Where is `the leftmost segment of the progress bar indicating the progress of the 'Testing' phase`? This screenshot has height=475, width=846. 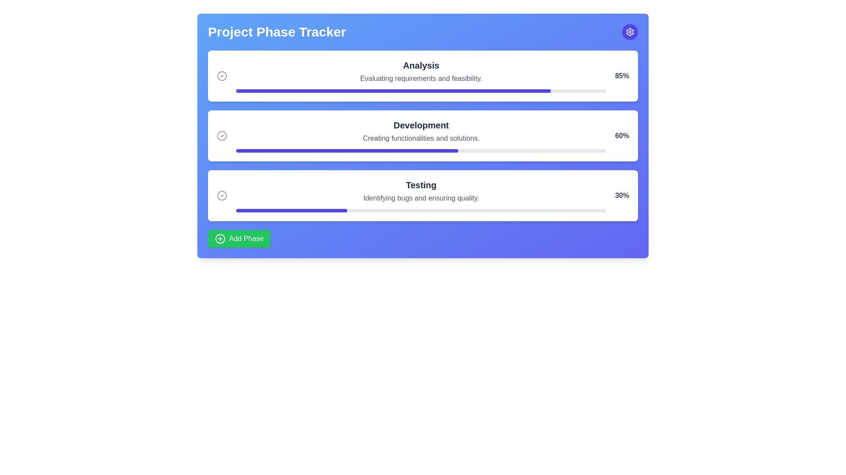
the leftmost segment of the progress bar indicating the progress of the 'Testing' phase is located at coordinates (292, 210).